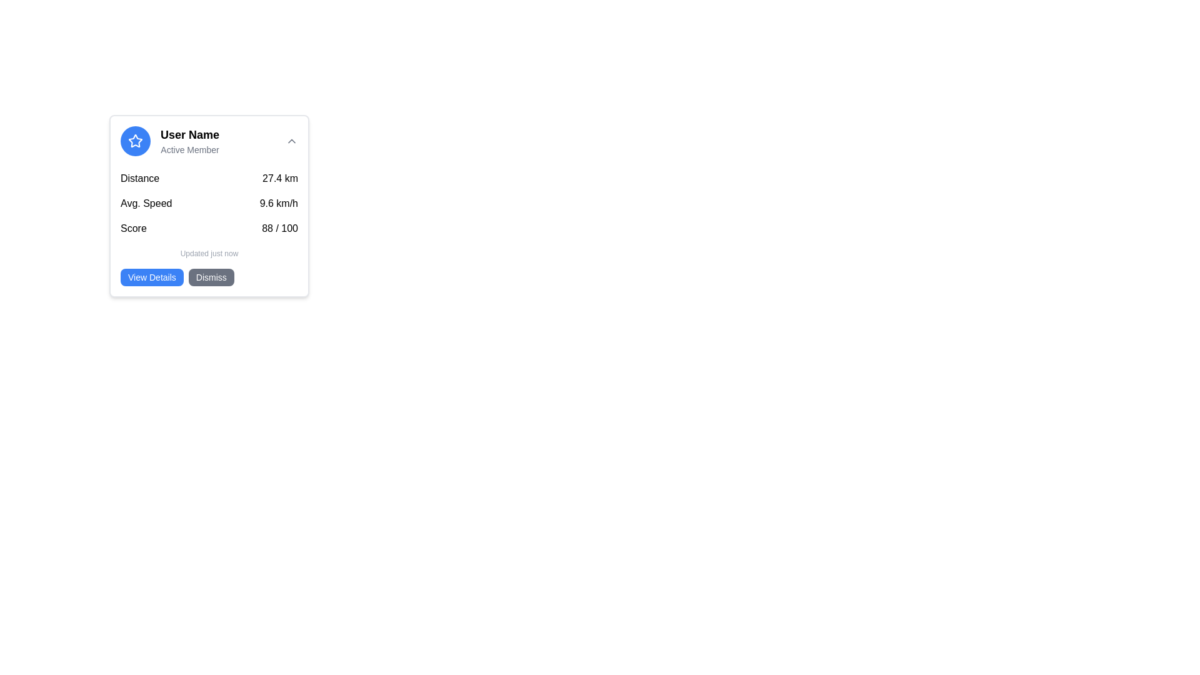 Image resolution: width=1200 pixels, height=675 pixels. Describe the element at coordinates (135, 141) in the screenshot. I see `the graphic badge or icon located to the left of the text block containing 'User Name' and 'Active Member'` at that location.